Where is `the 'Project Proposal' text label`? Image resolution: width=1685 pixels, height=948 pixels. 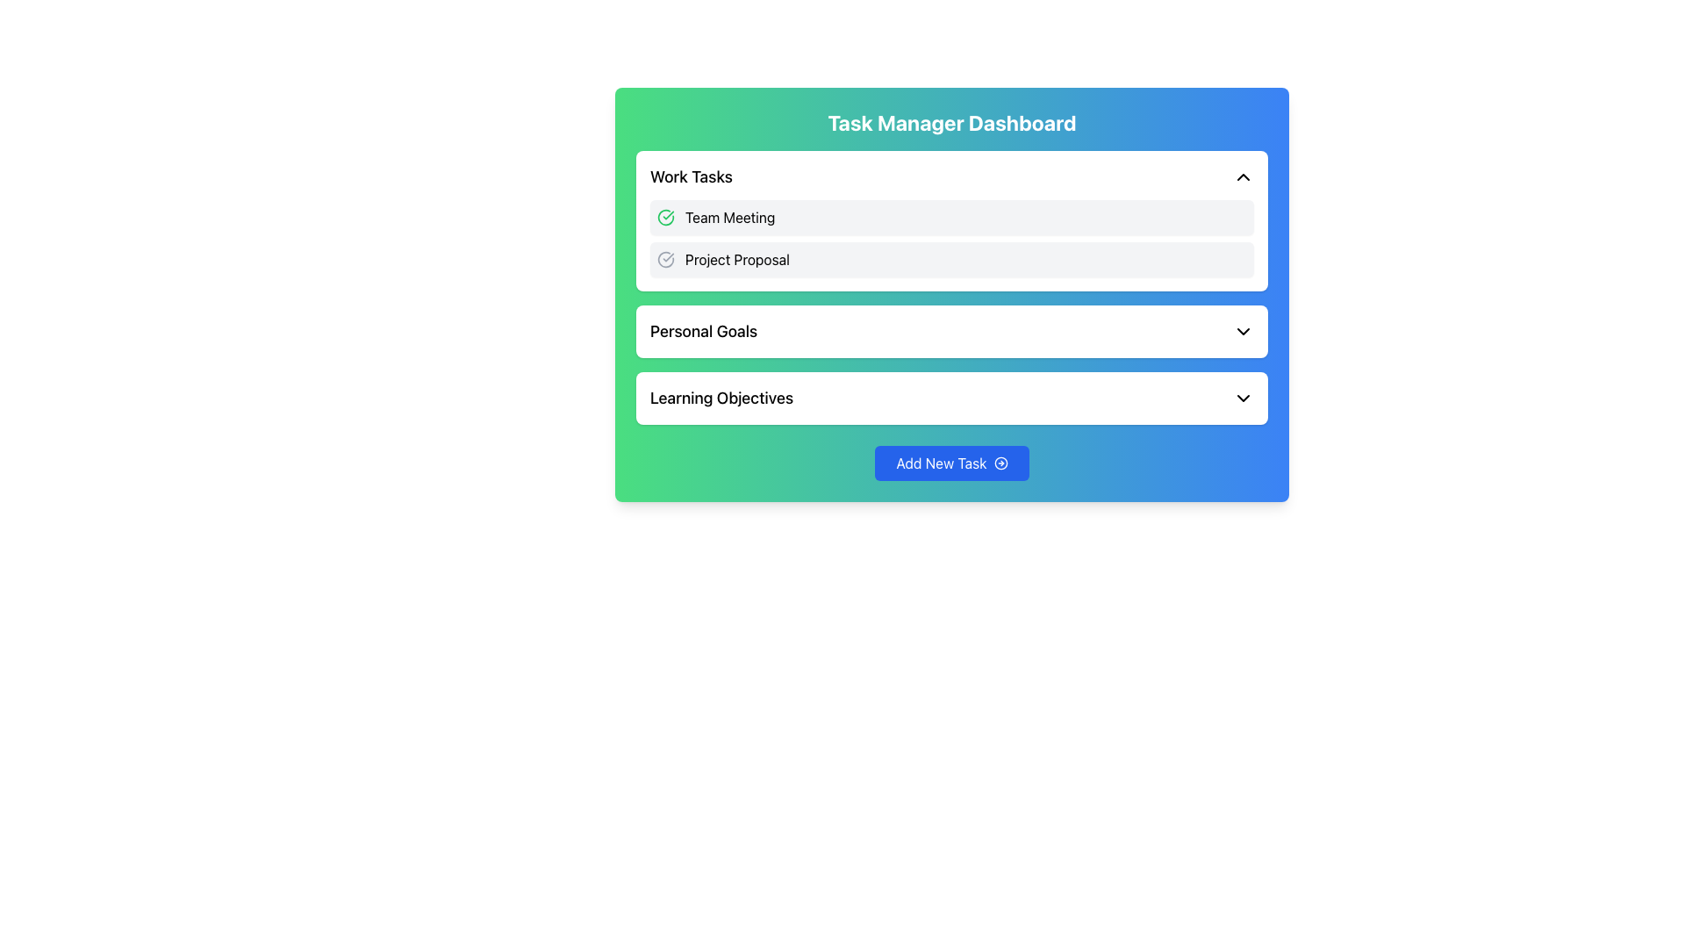
the 'Project Proposal' text label is located at coordinates (737, 260).